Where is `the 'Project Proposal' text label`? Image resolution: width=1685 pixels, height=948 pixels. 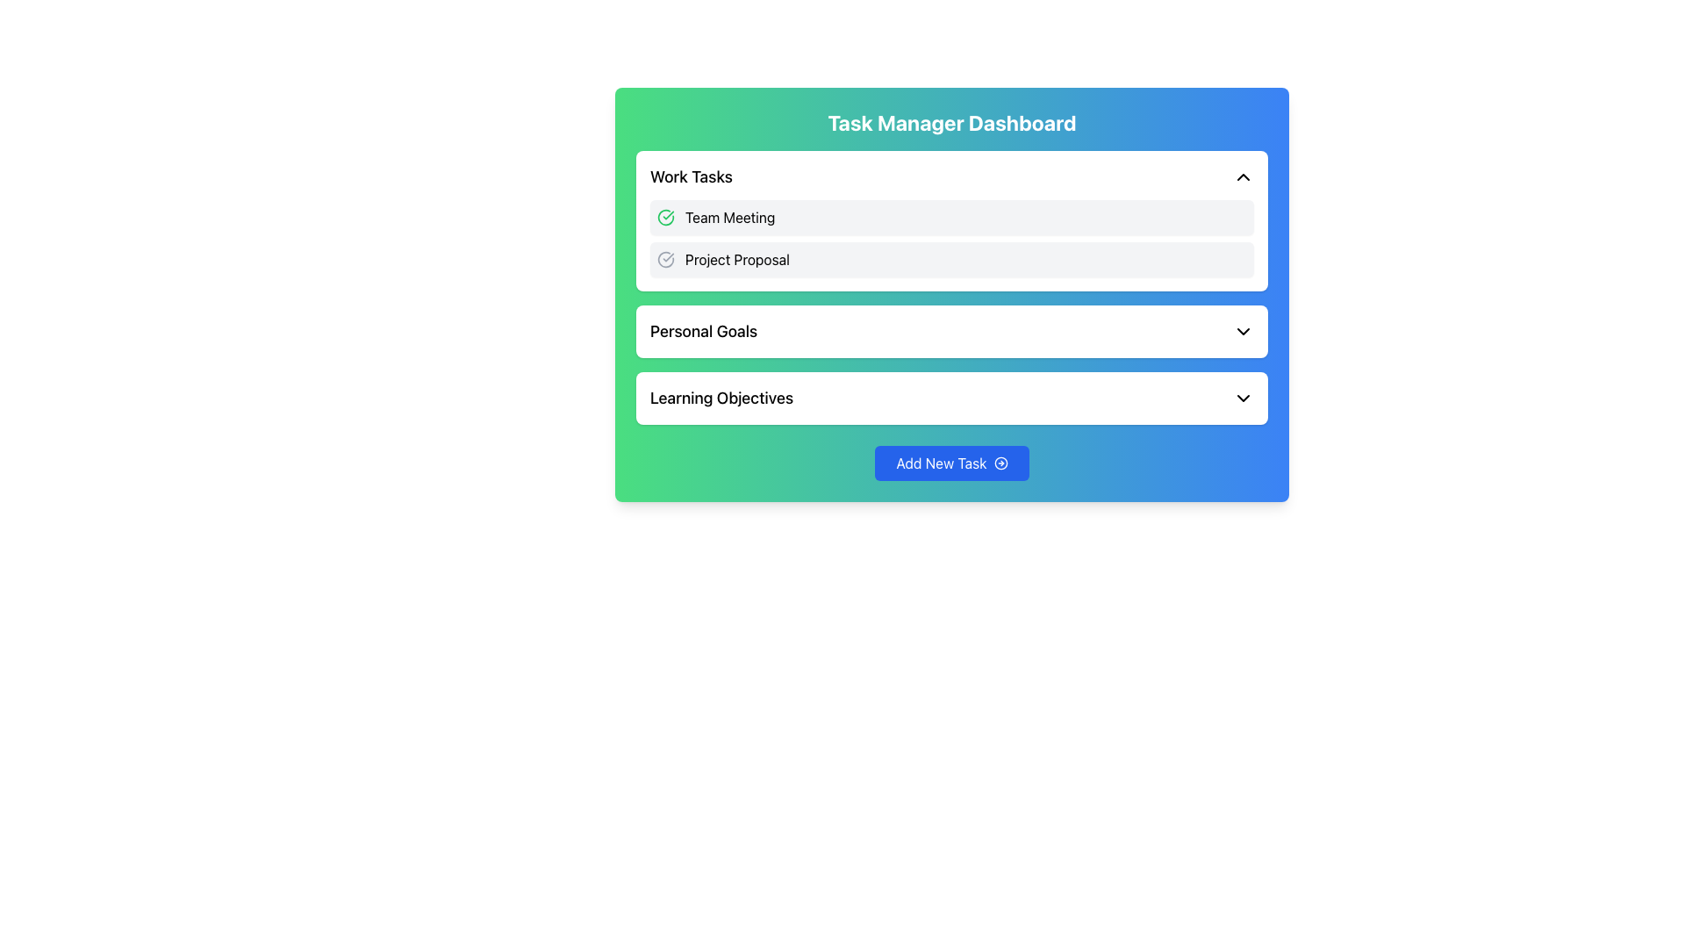
the 'Project Proposal' text label is located at coordinates (737, 260).